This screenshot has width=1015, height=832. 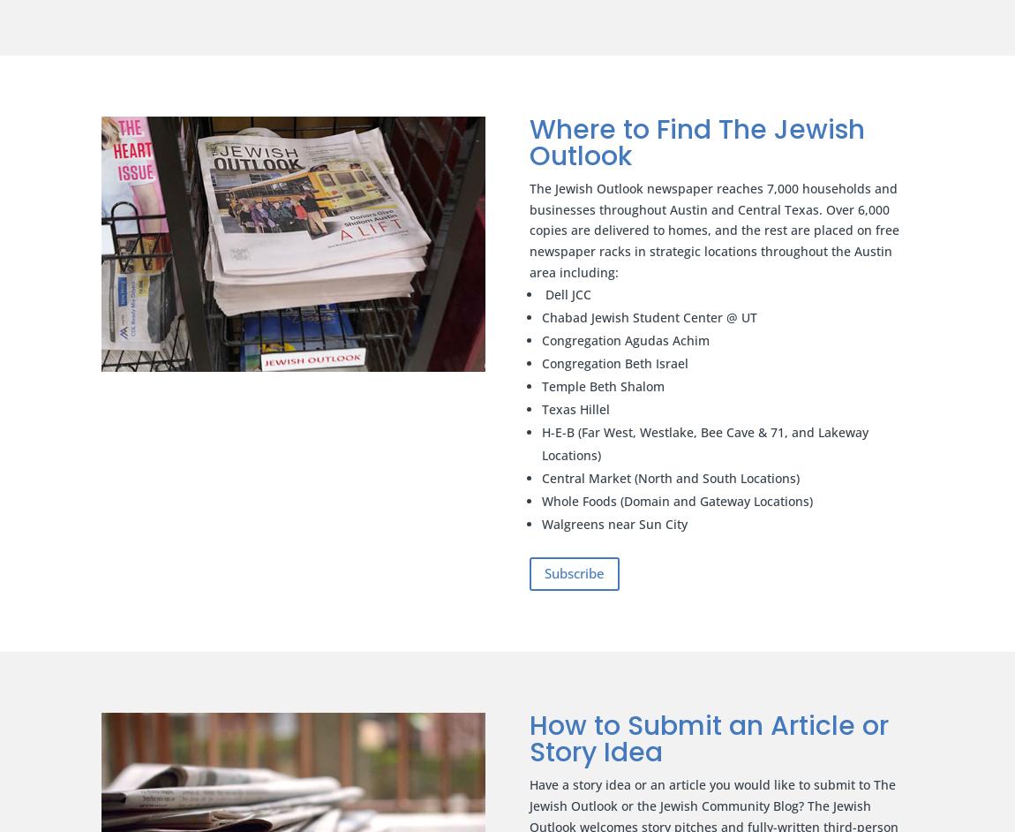 I want to click on 'Where to Find The Jewish Outlook', so click(x=528, y=140).